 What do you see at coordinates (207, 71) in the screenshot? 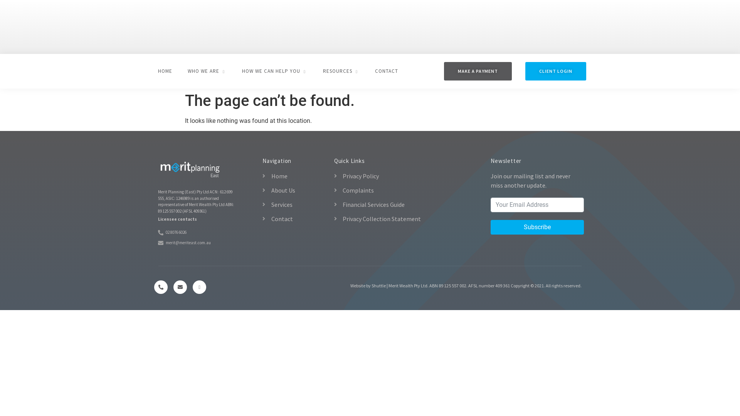
I see `'WHO WE ARE'` at bounding box center [207, 71].